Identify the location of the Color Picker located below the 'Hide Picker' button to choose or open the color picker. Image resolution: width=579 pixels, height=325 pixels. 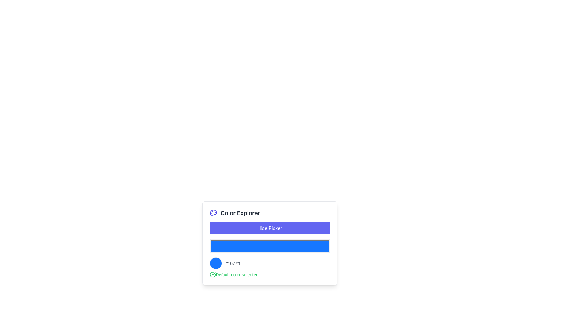
(269, 246).